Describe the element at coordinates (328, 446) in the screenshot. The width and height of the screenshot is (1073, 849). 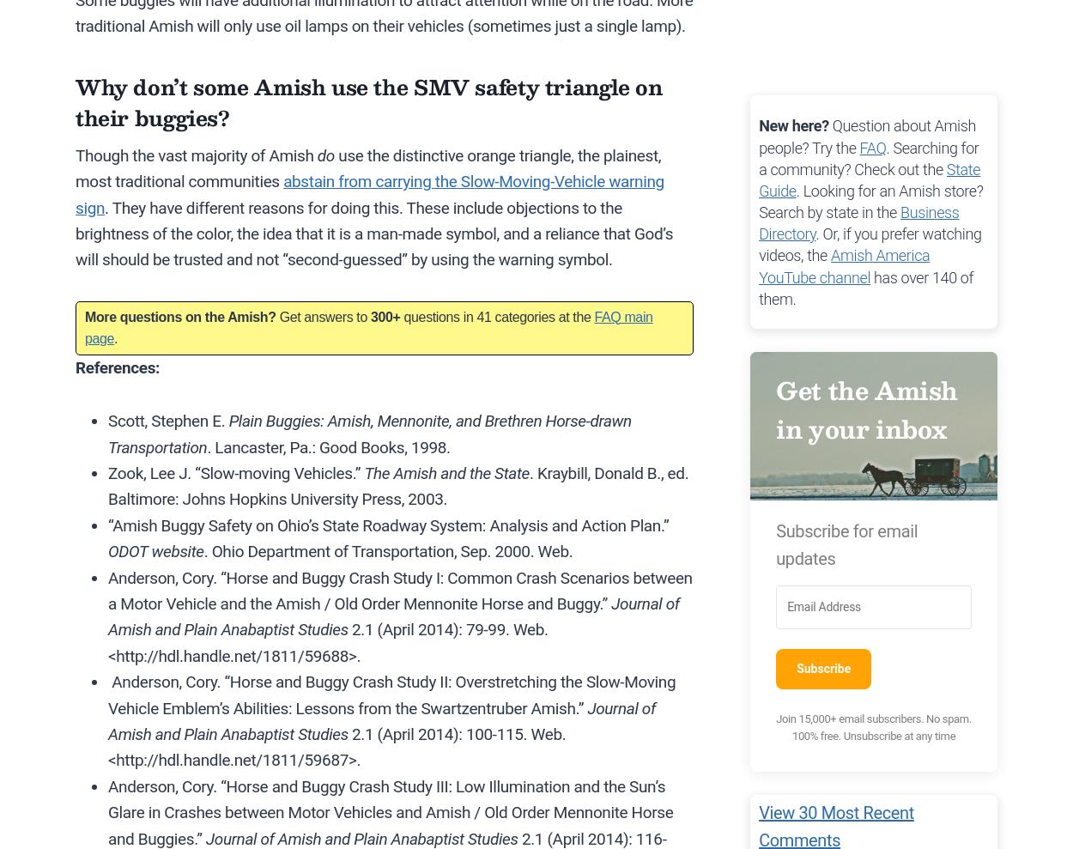
I see `'. Lancaster, Pa.: Good Books, 1998.'` at that location.